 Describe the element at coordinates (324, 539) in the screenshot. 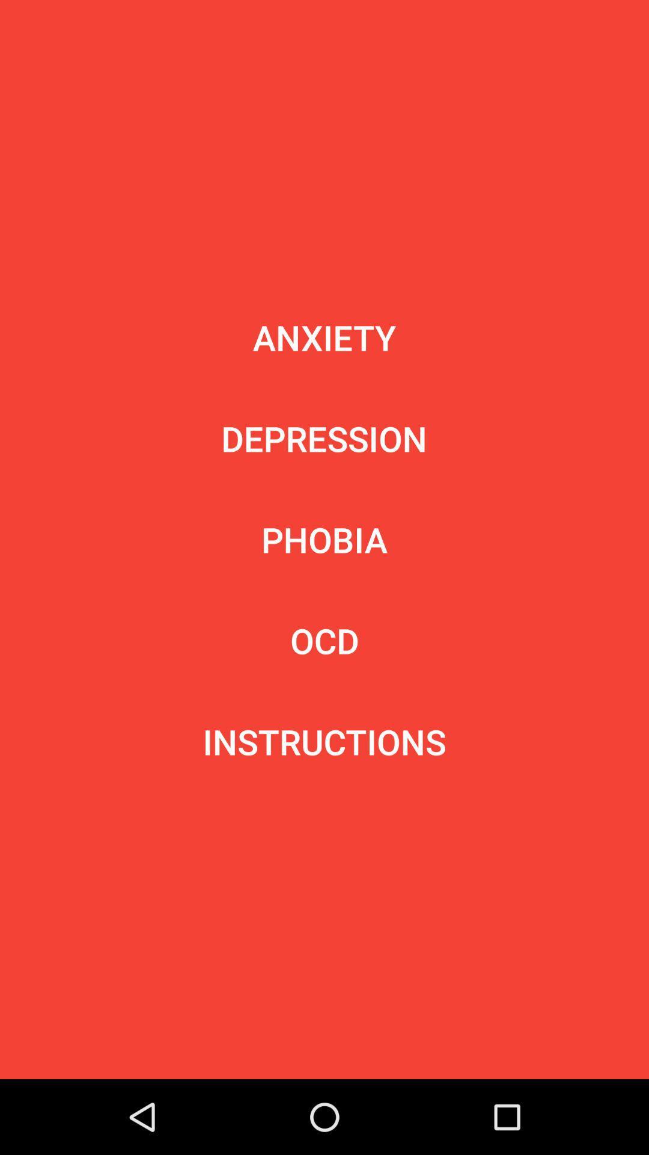

I see `the phobia icon` at that location.